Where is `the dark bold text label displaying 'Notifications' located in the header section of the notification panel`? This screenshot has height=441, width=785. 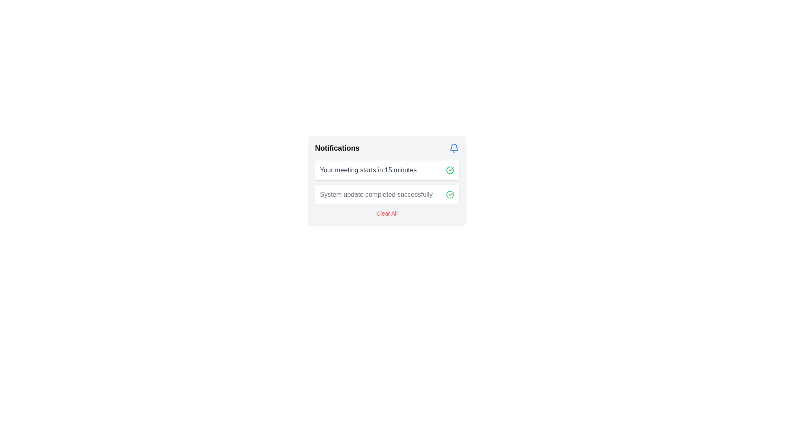
the dark bold text label displaying 'Notifications' located in the header section of the notification panel is located at coordinates (337, 148).